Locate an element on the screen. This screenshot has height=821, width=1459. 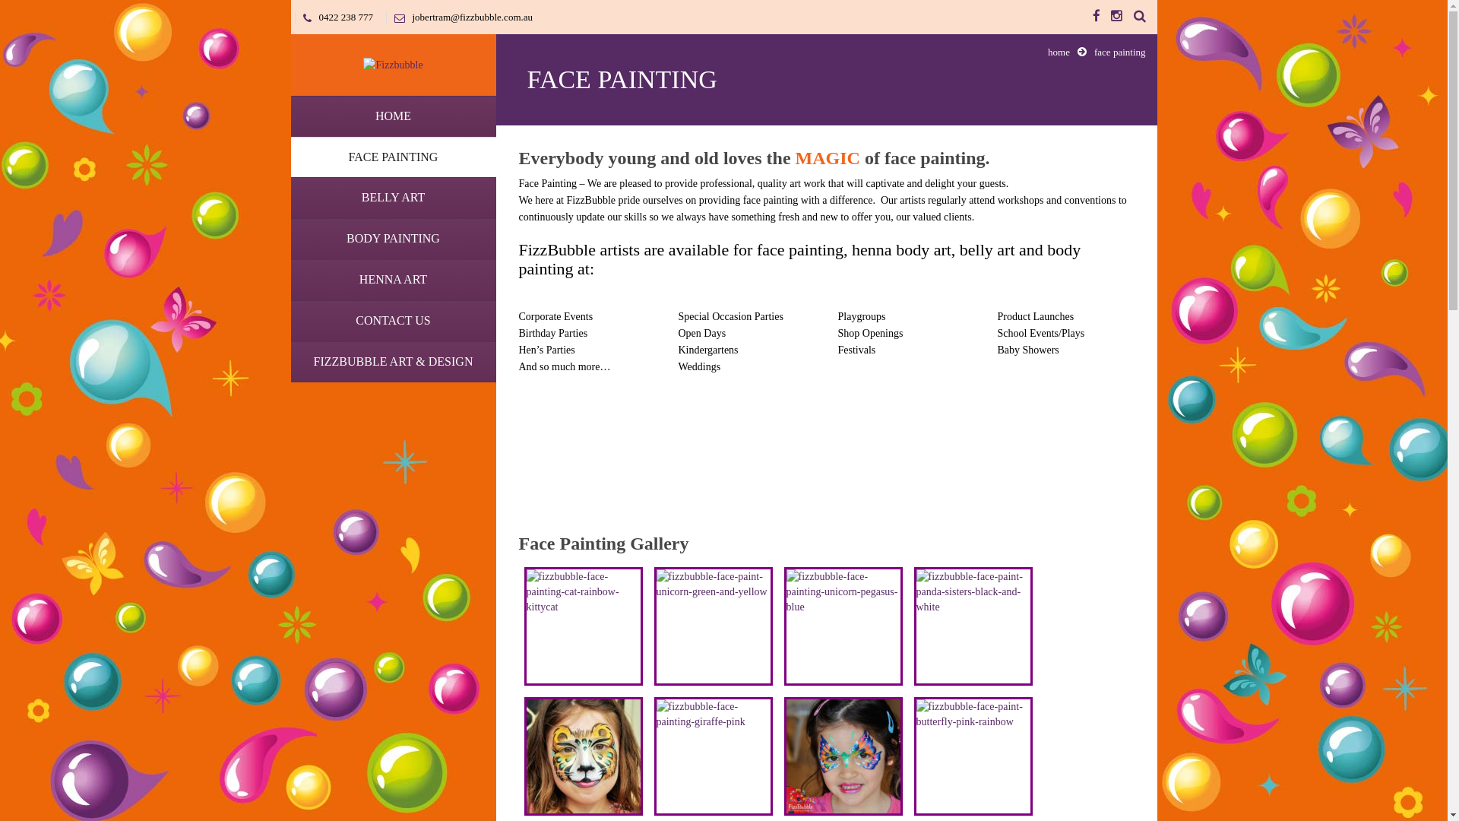
'fizzbubble-face-painting-leopard-gold' is located at coordinates (582, 756).